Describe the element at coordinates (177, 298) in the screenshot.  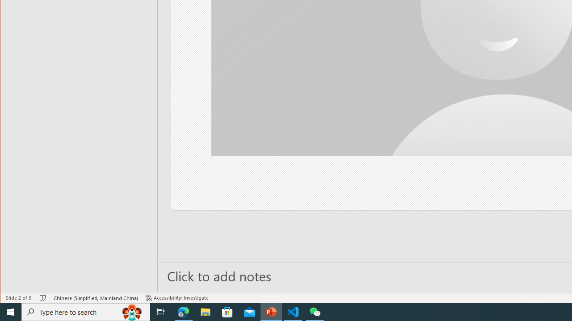
I see `'Accessibility Checker Accessibility: Investigate'` at that location.